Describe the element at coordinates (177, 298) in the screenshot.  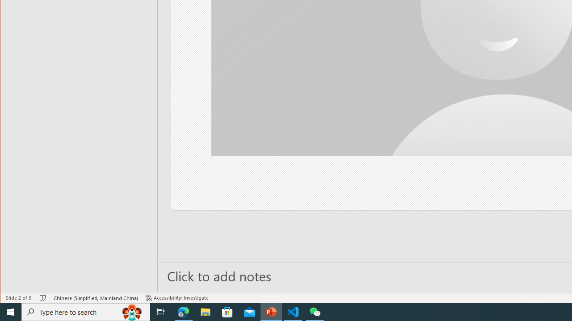
I see `'Accessibility Checker Accessibility: Investigate'` at that location.